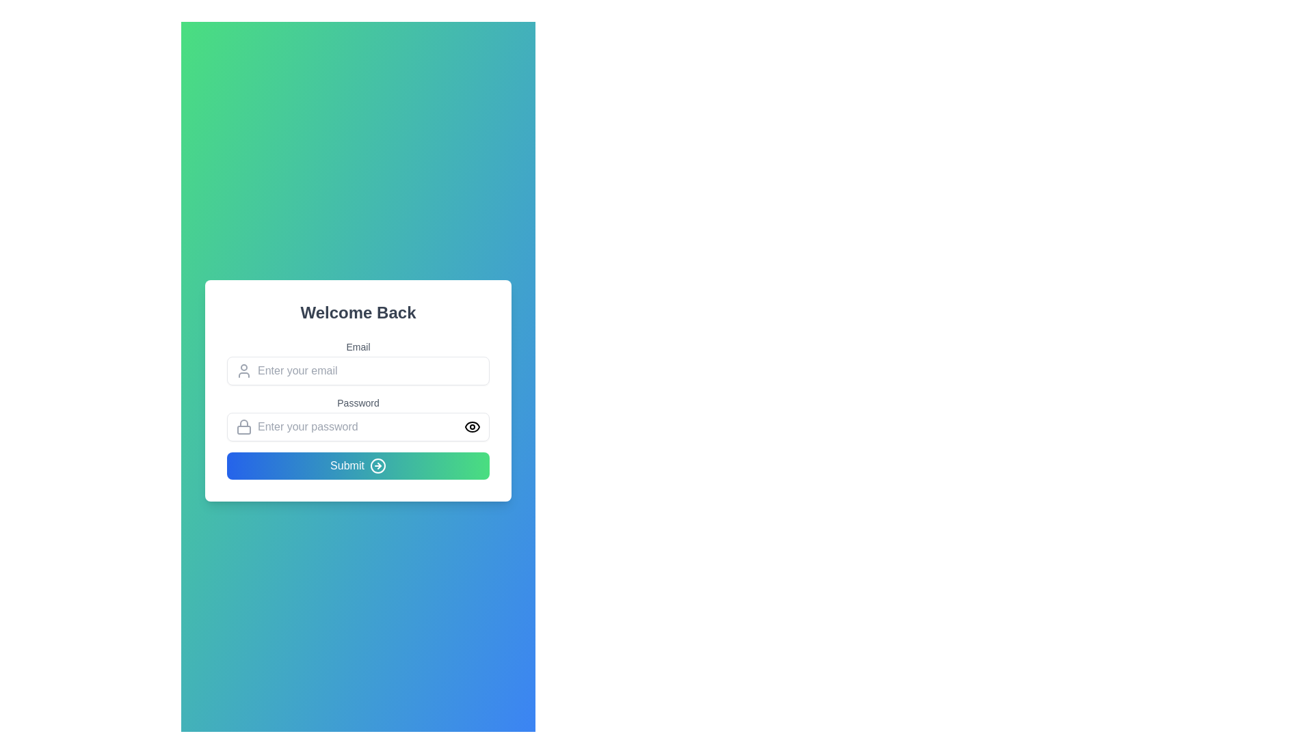 This screenshot has width=1313, height=738. What do you see at coordinates (358, 346) in the screenshot?
I see `the label element for the email input field, which is located at the top-center of the form panel, above the user icon and the email input field` at bounding box center [358, 346].